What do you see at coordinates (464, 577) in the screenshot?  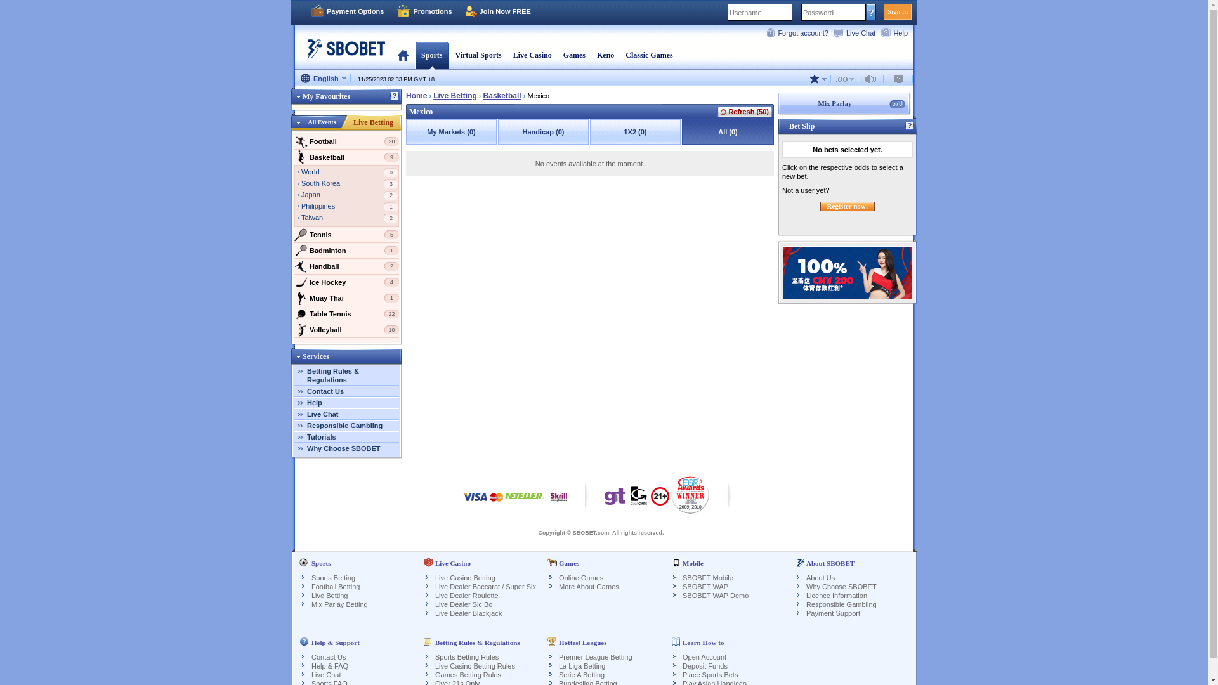 I see `'Live Casino Betting'` at bounding box center [464, 577].